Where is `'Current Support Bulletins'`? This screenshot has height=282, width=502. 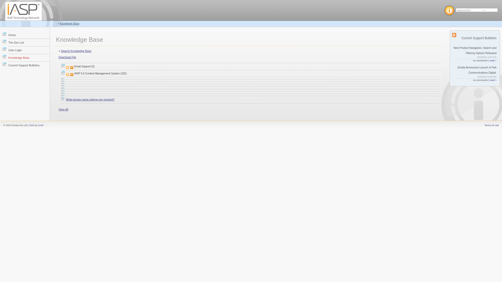 'Current Support Bulletins' is located at coordinates (28, 65).